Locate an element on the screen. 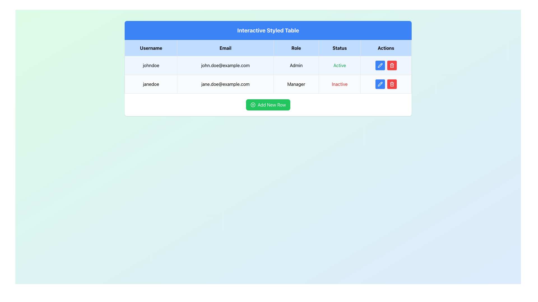 The image size is (538, 302). the pencil icon located in the 'Actions' column of the first row in the table is located at coordinates (380, 65).